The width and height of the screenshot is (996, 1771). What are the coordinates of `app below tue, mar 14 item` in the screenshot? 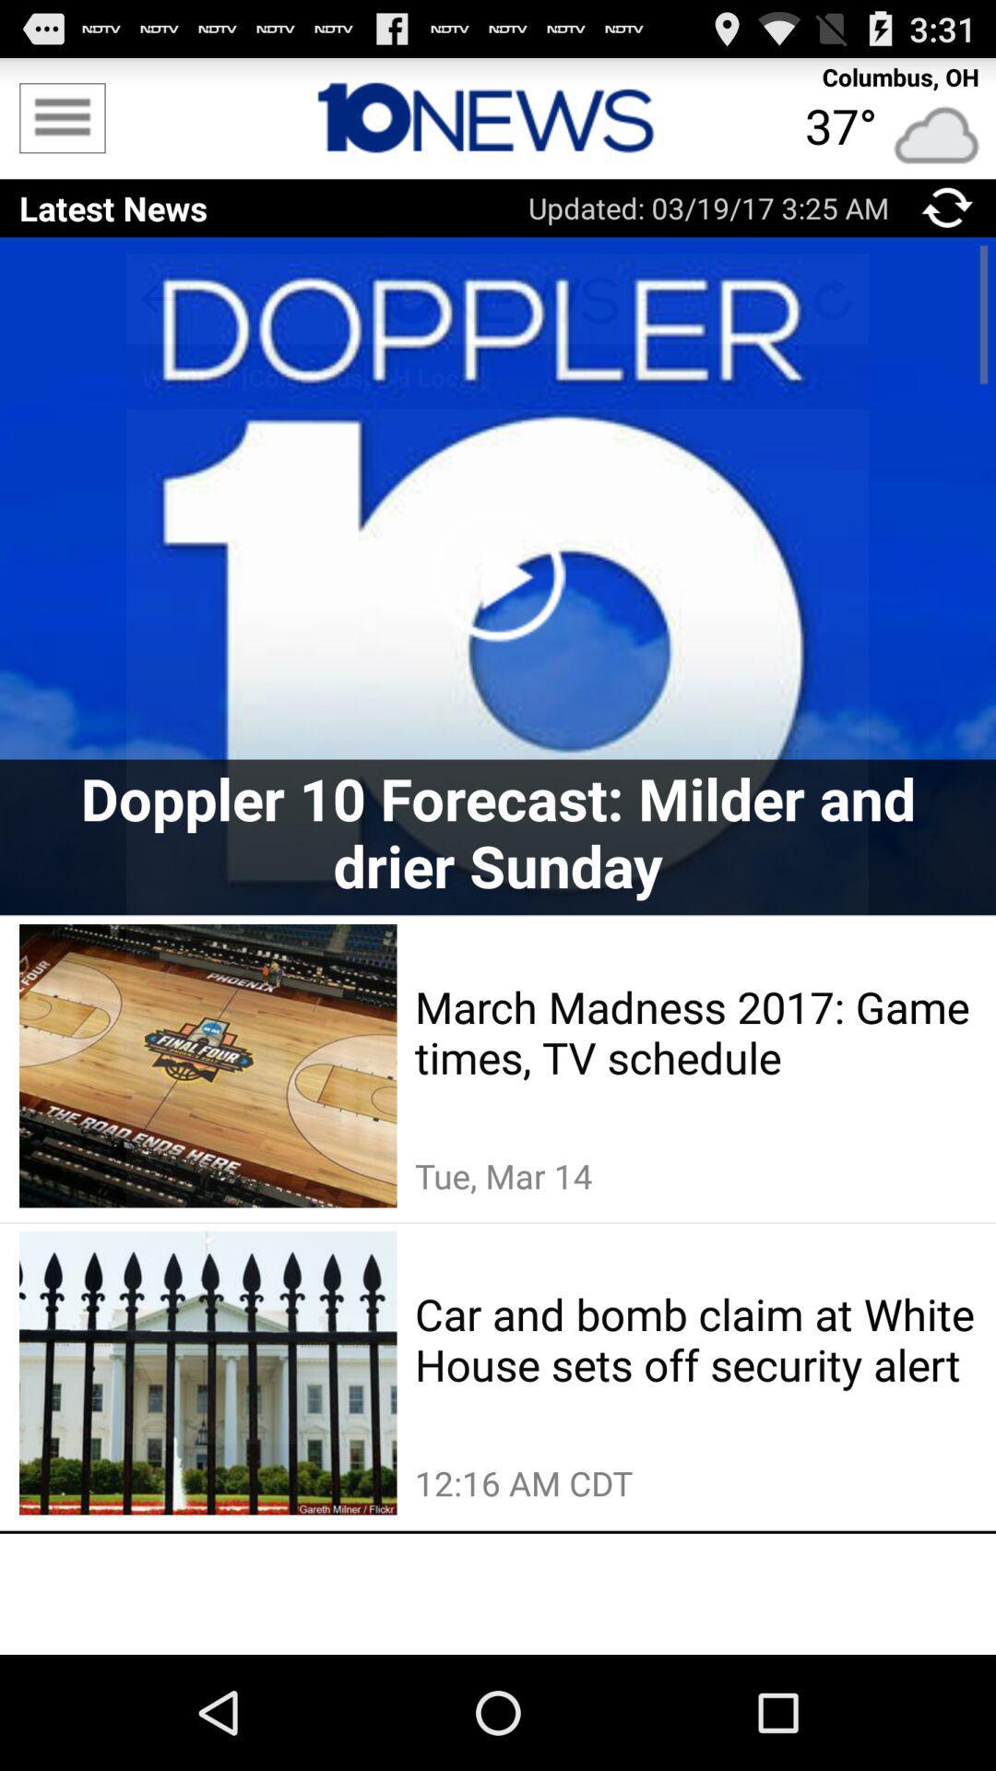 It's located at (695, 1338).